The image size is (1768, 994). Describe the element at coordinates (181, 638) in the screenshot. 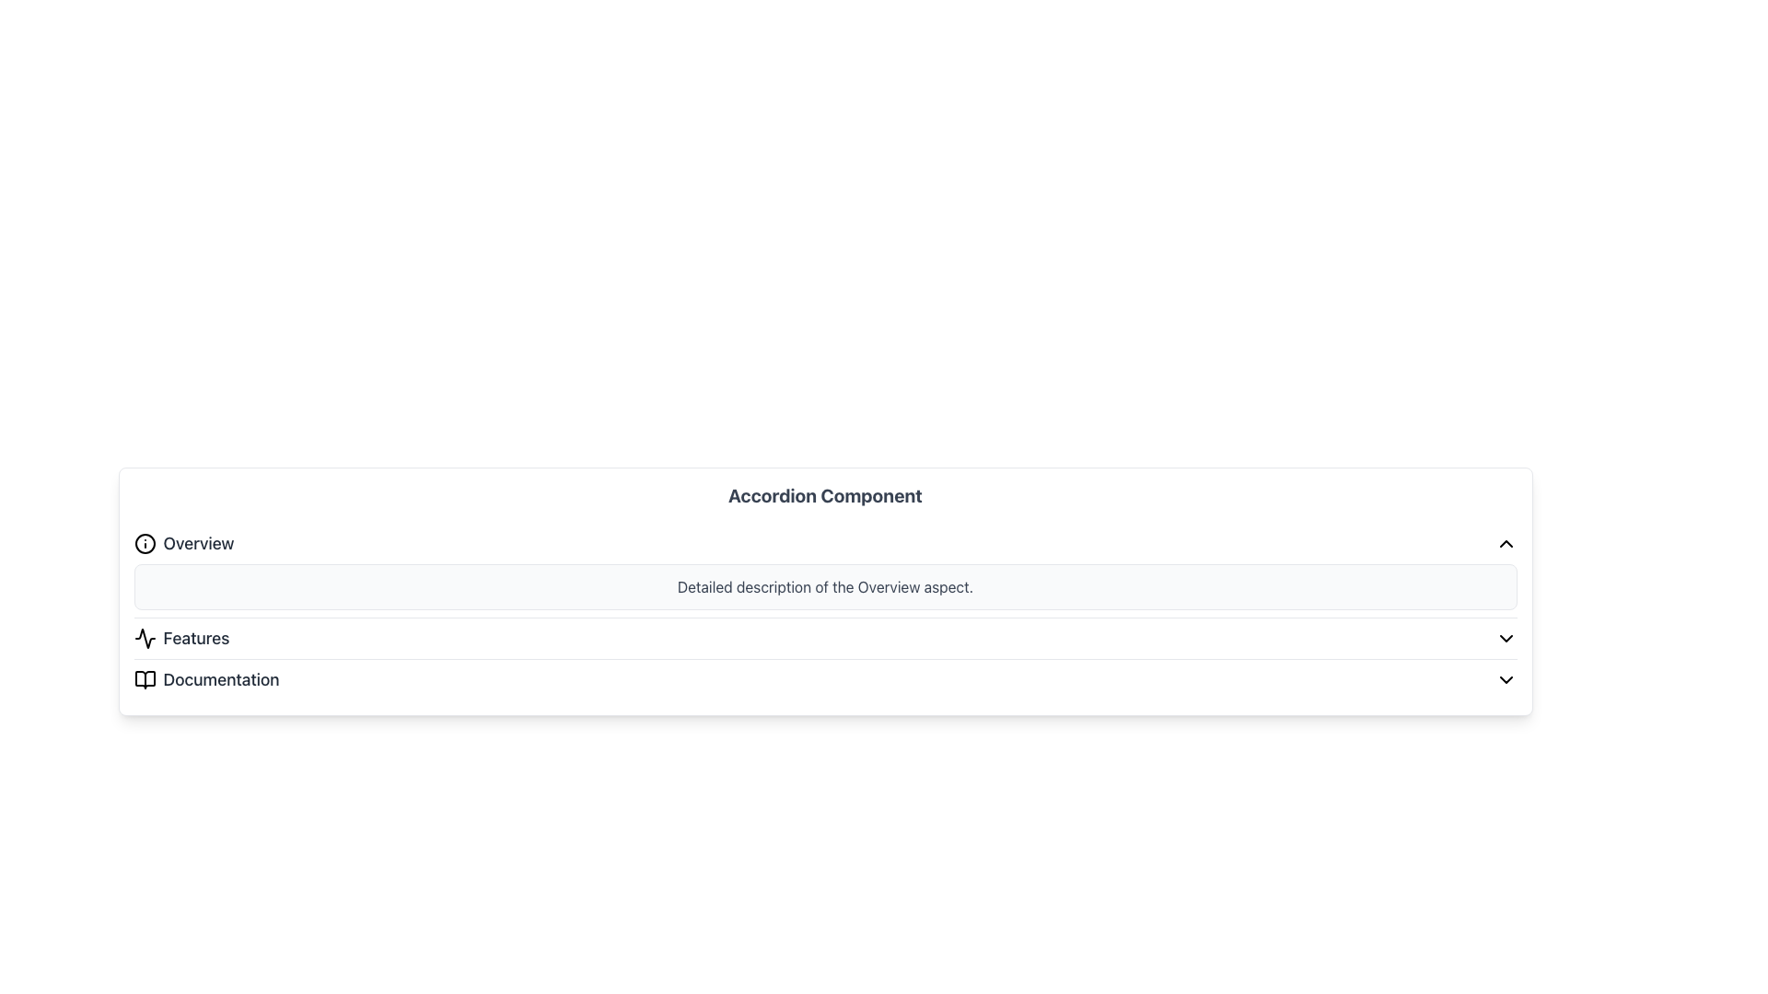

I see `the 'Features' label which is the second item in the vertical list of 'Overview', 'Features', and 'Documentation', and is visually represented with a bold font next to a waveform icon` at that location.